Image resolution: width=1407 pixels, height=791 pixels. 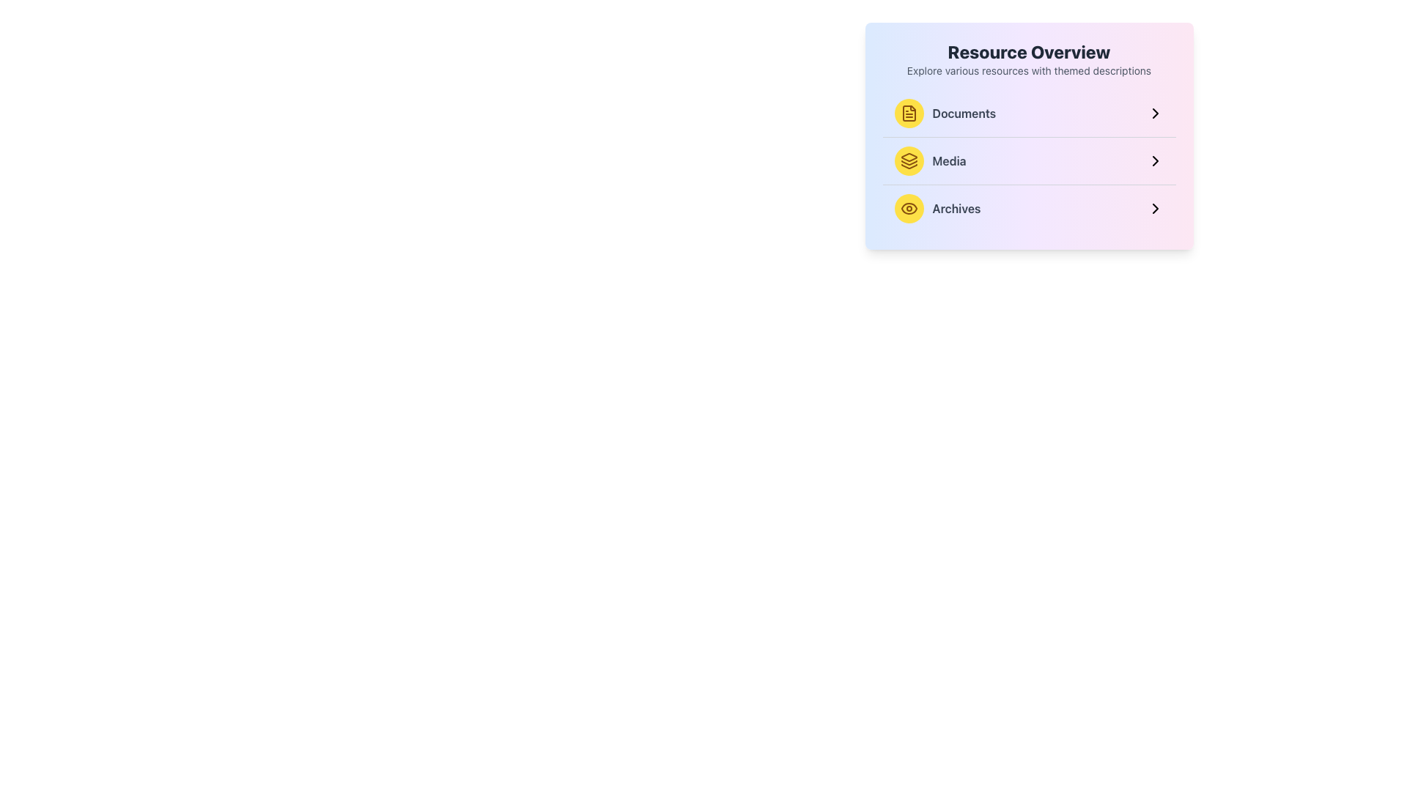 What do you see at coordinates (908, 160) in the screenshot?
I see `details of the Circular icon badge that serves as a visual indicator for the 'Media' section, located to the left of the 'Media' label in the 'Resource Overview' card` at bounding box center [908, 160].